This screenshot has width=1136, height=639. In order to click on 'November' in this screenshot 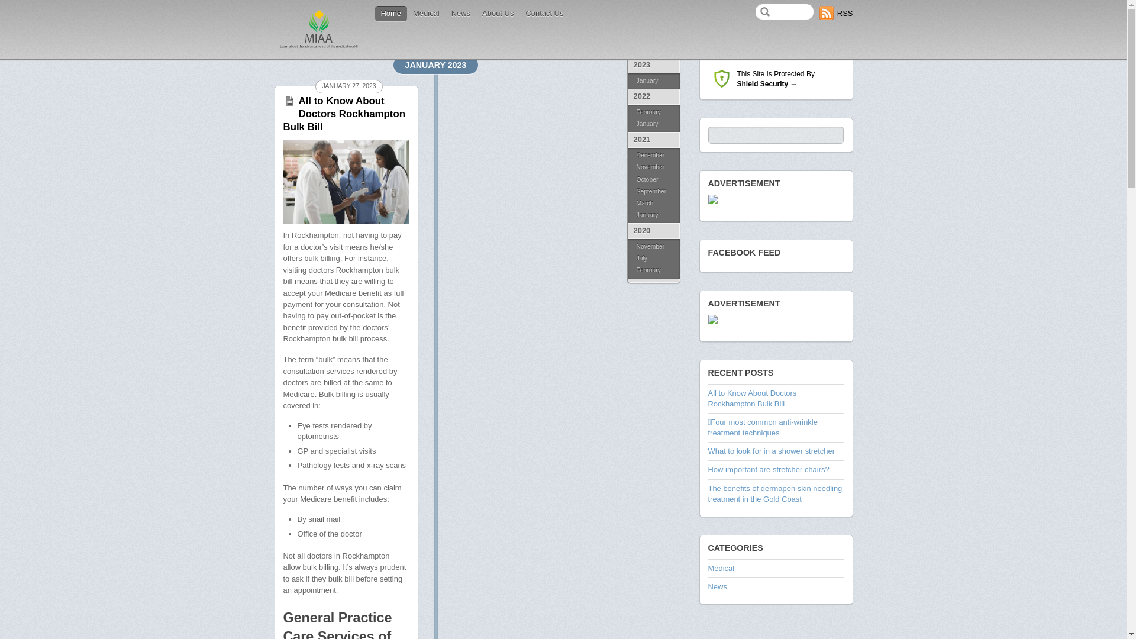, I will do `click(653, 167)`.